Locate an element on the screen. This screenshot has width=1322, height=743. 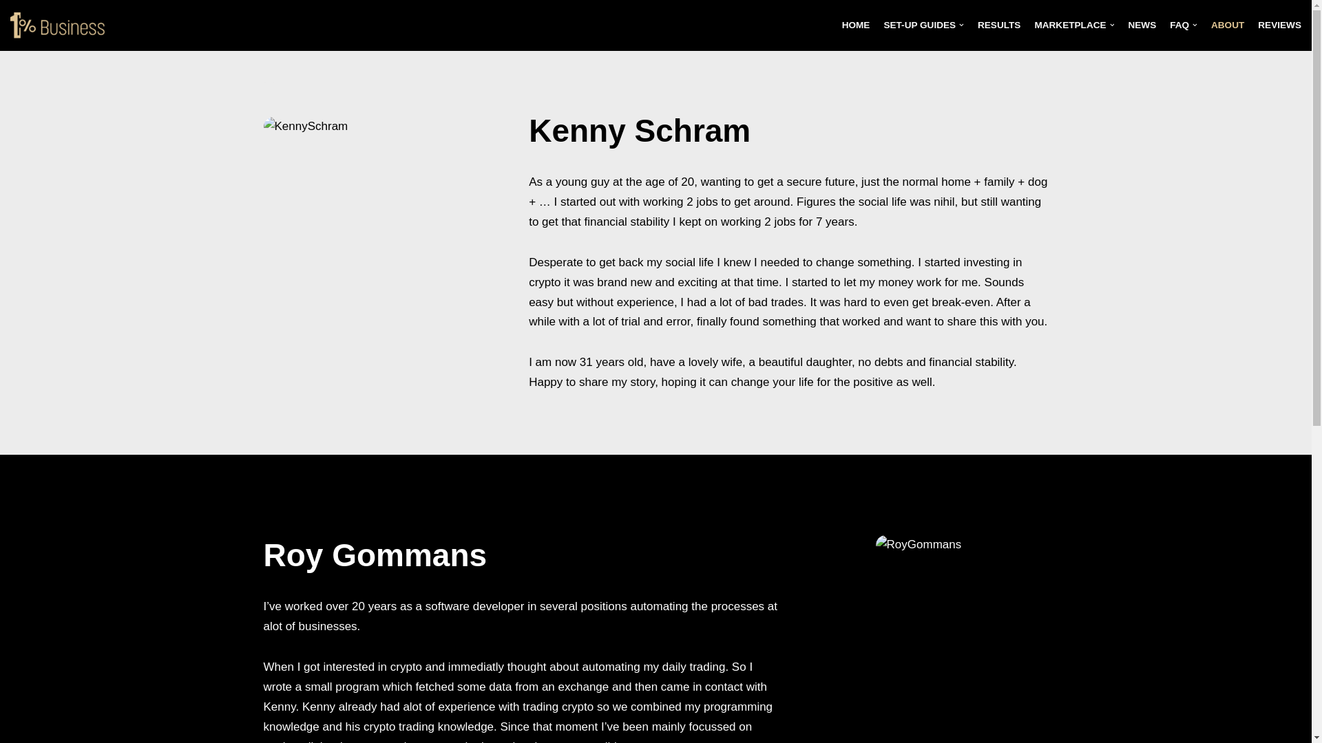
'ABOUT' is located at coordinates (1227, 25).